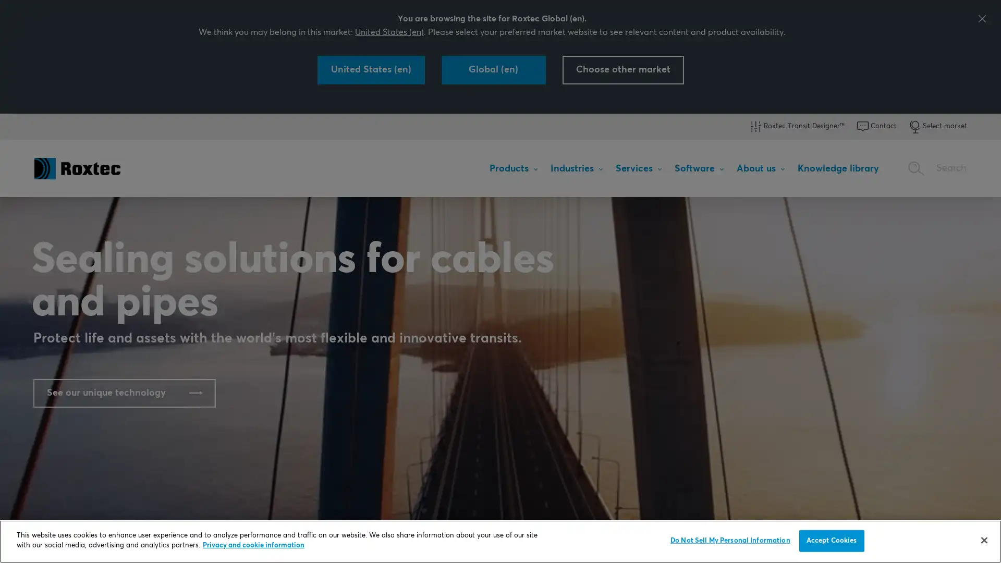 The image size is (1001, 563). What do you see at coordinates (796, 126) in the screenshot?
I see `Roxtec Transit DesignerTM` at bounding box center [796, 126].